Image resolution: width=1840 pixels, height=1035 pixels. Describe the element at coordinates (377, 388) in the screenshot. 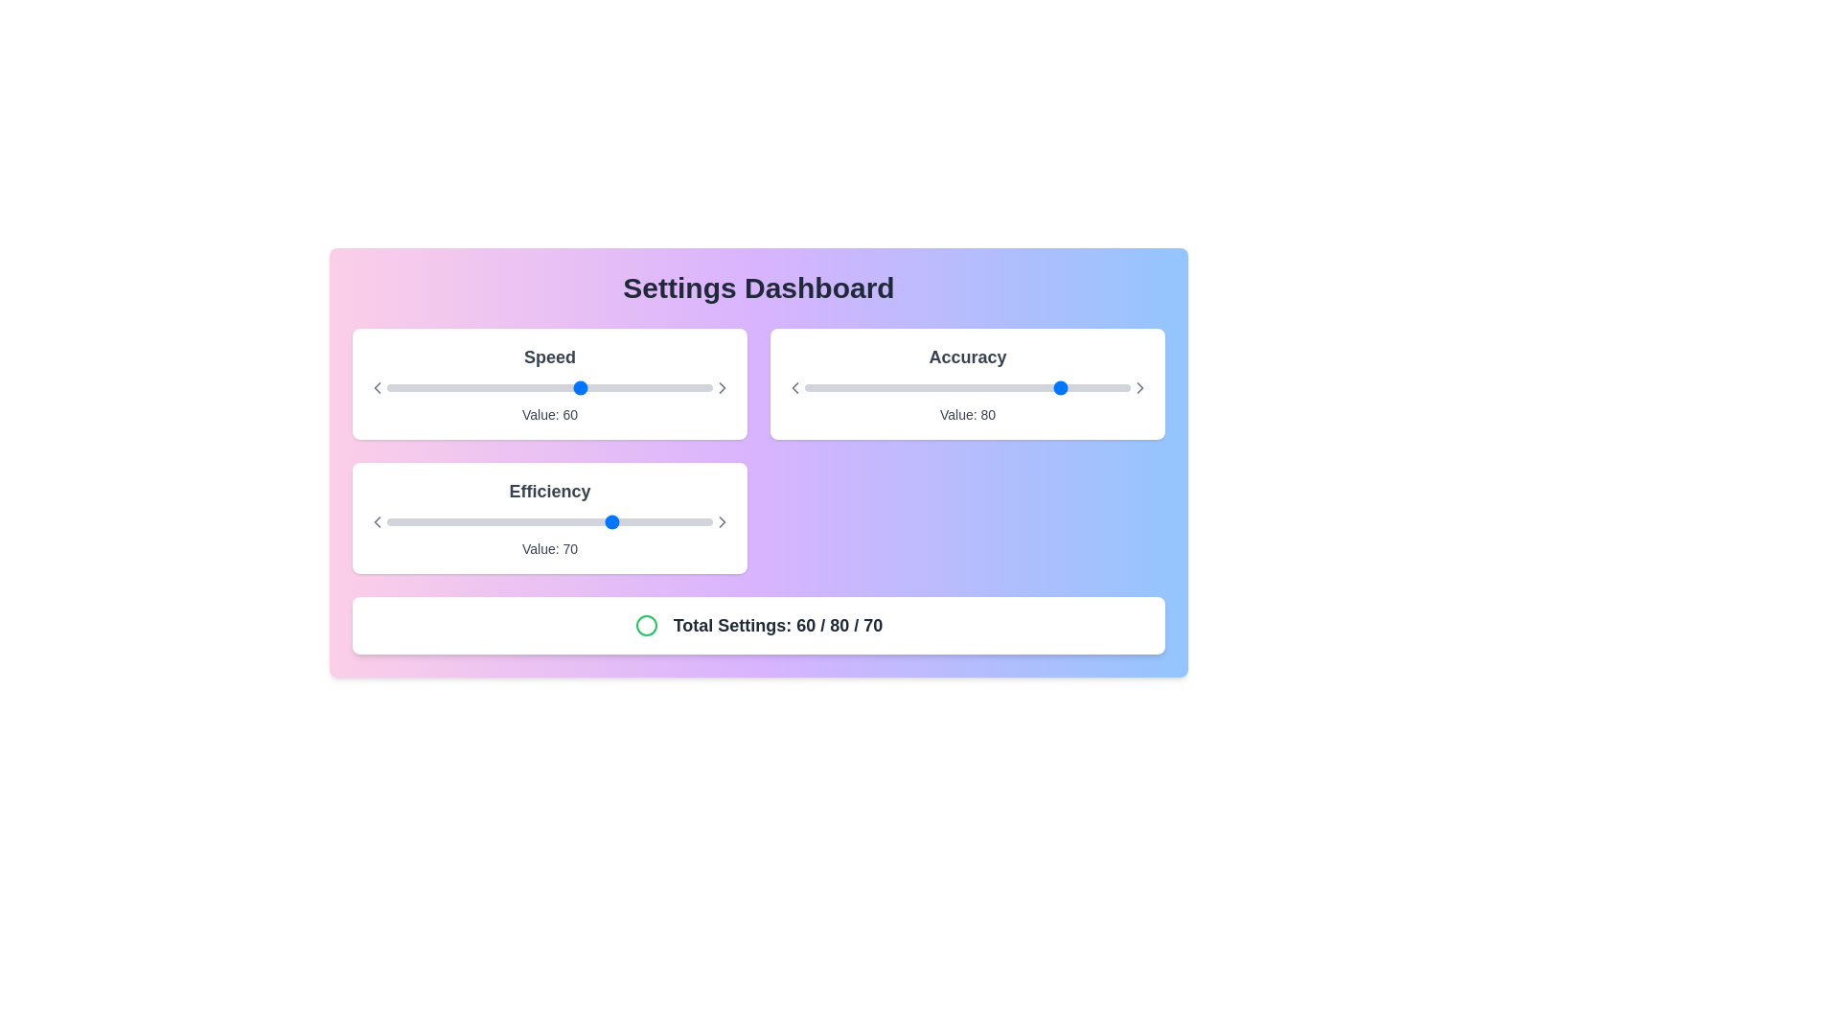

I see `the decrement button for the 'Speed' setting` at that location.